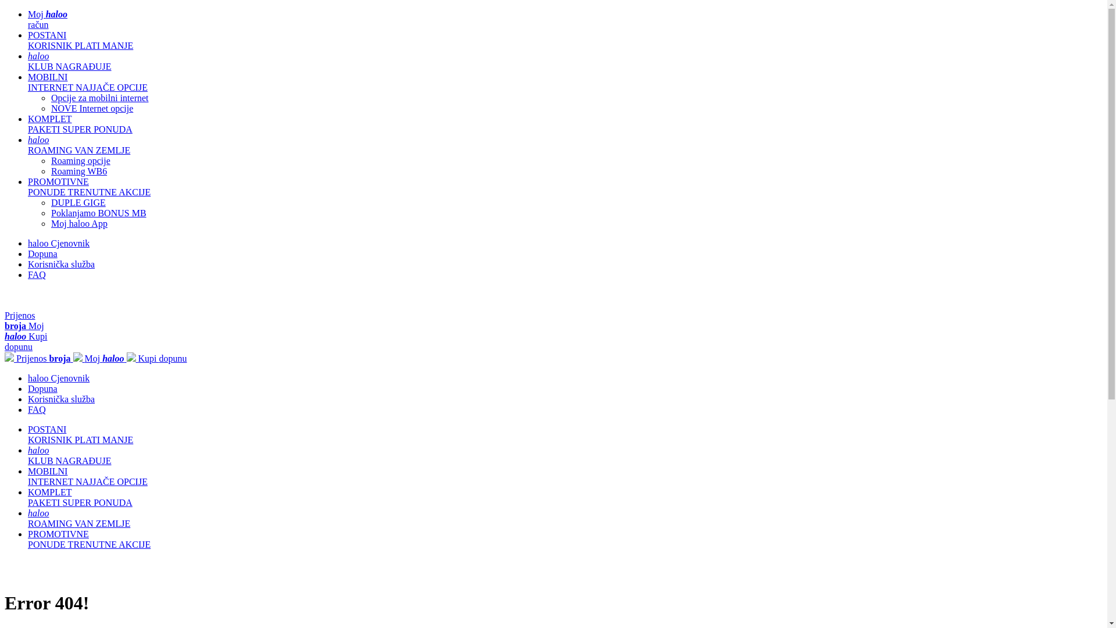  What do you see at coordinates (19, 320) in the screenshot?
I see `'Prijenos` at bounding box center [19, 320].